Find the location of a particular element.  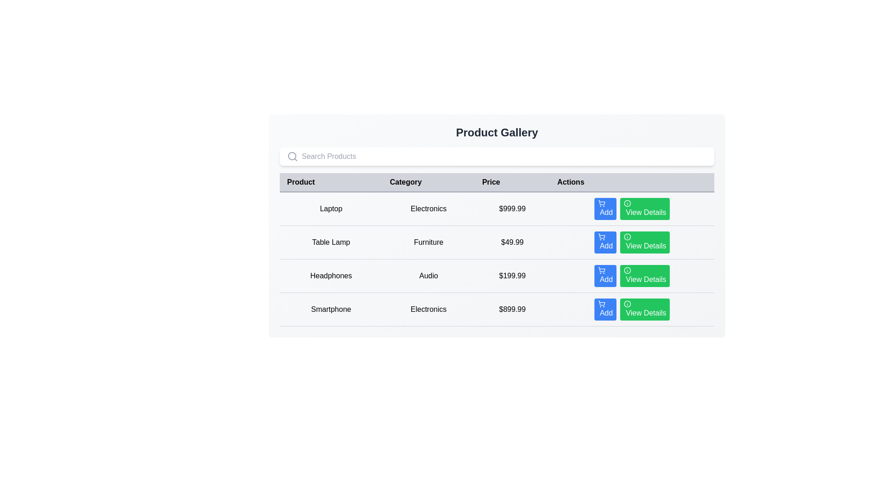

the 'Smartphone' label located in the first column under the 'Product' header in the fourth row of the table is located at coordinates (331, 310).